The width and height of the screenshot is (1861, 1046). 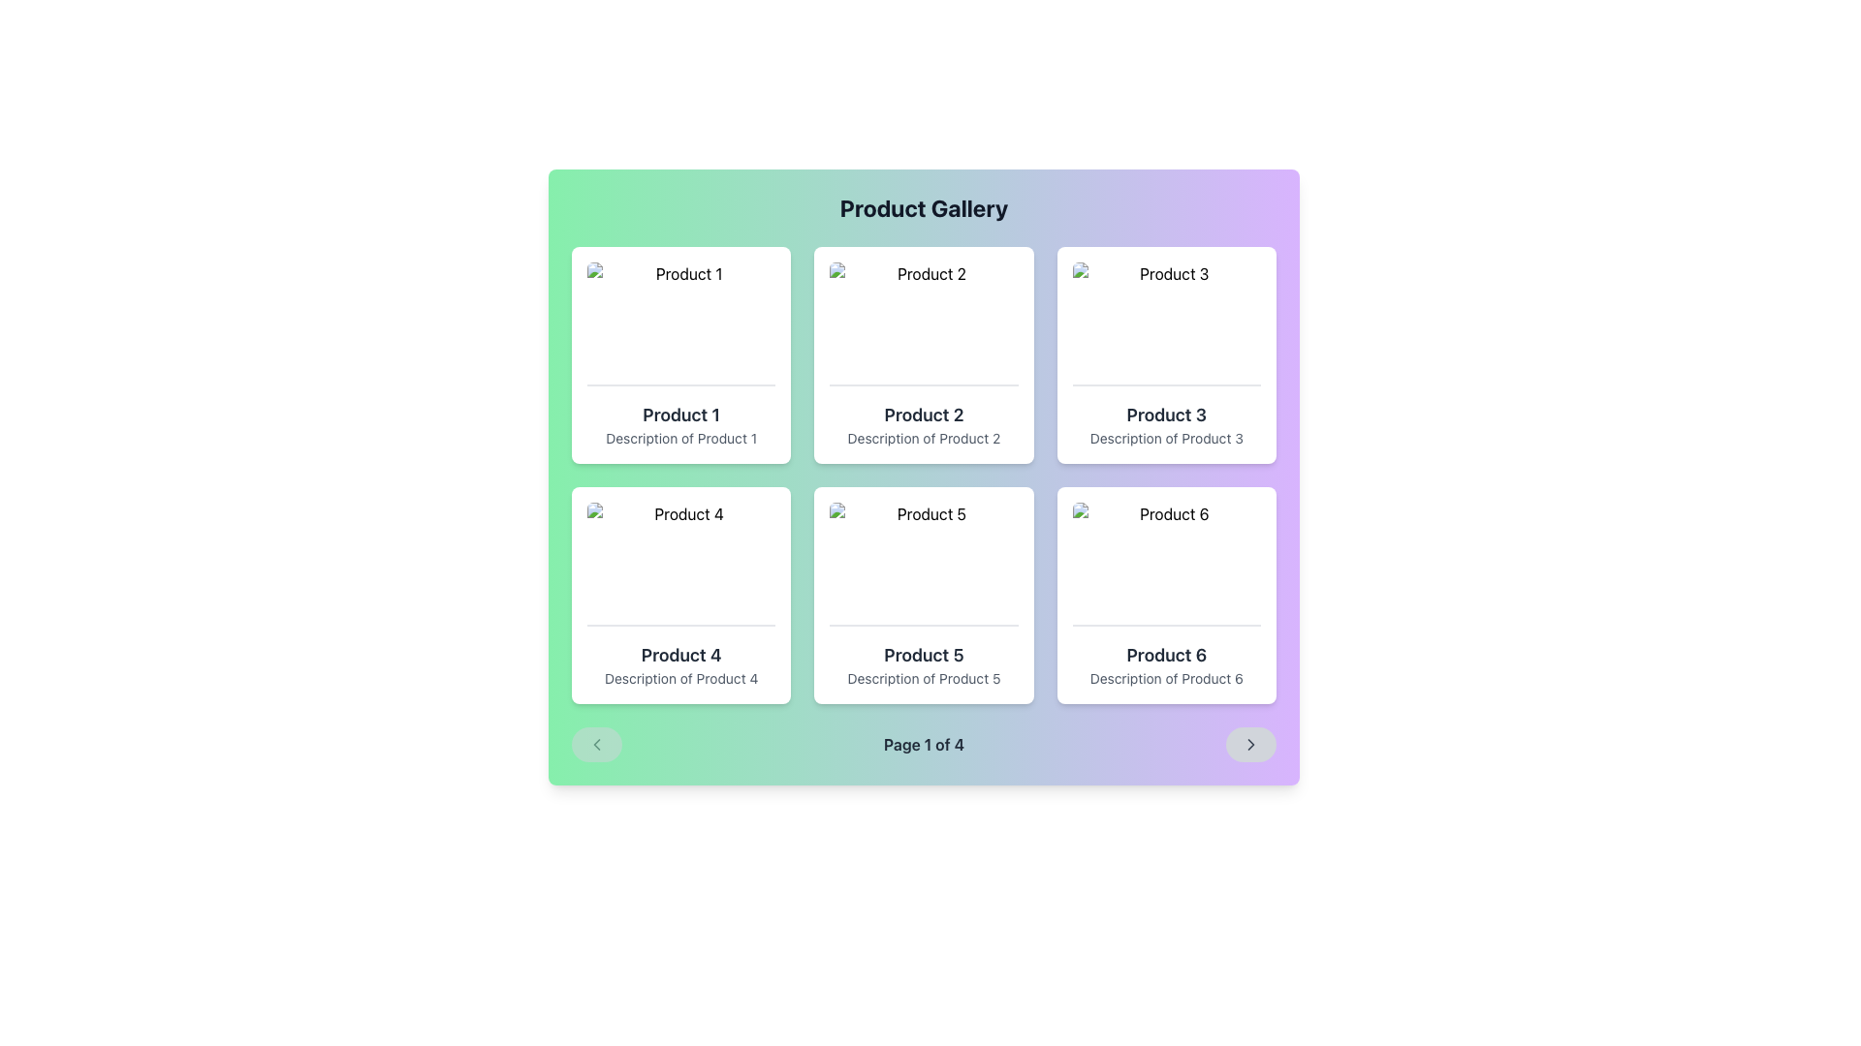 What do you see at coordinates (923, 438) in the screenshot?
I see `text label displaying 'Description of Product 2', located within the card labeled 'Product 2' in a small gray font` at bounding box center [923, 438].